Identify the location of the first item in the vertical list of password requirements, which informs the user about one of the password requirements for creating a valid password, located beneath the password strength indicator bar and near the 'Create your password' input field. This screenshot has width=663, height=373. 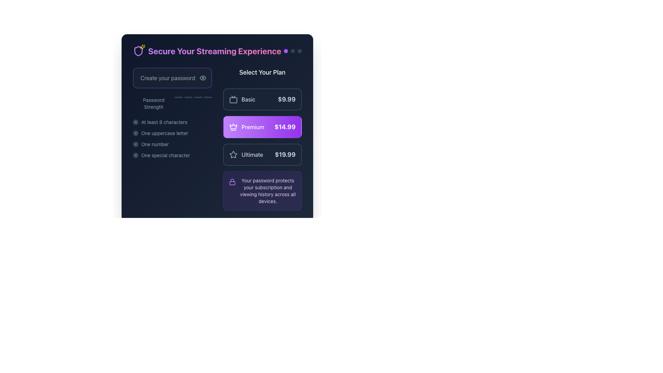
(164, 122).